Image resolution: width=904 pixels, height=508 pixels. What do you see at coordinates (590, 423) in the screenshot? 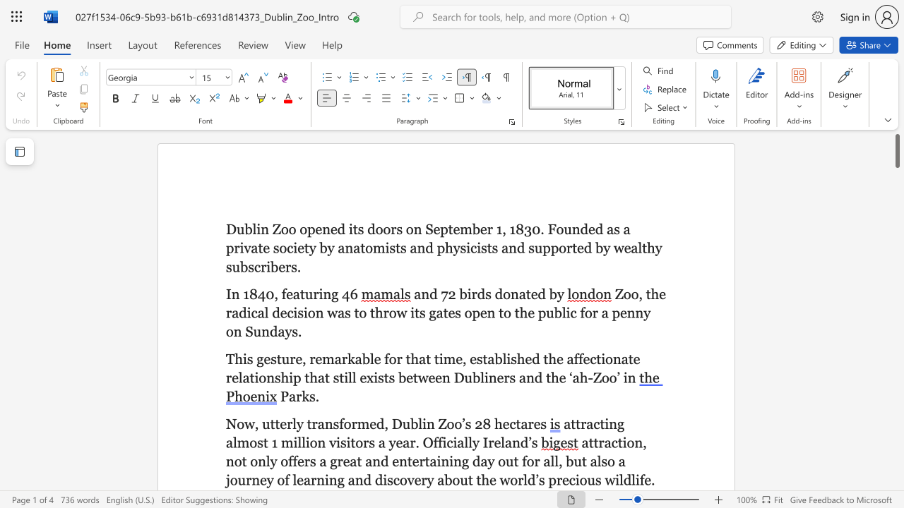
I see `the 2th character "a" in the text` at bounding box center [590, 423].